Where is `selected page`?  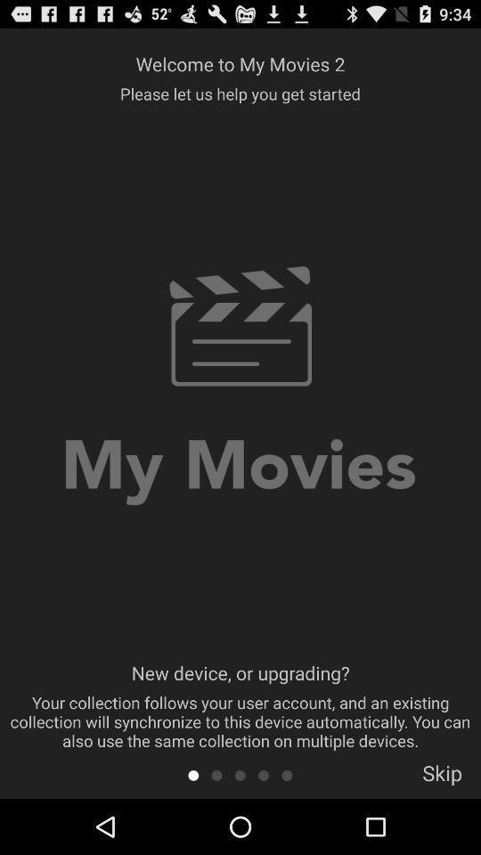 selected page is located at coordinates (263, 774).